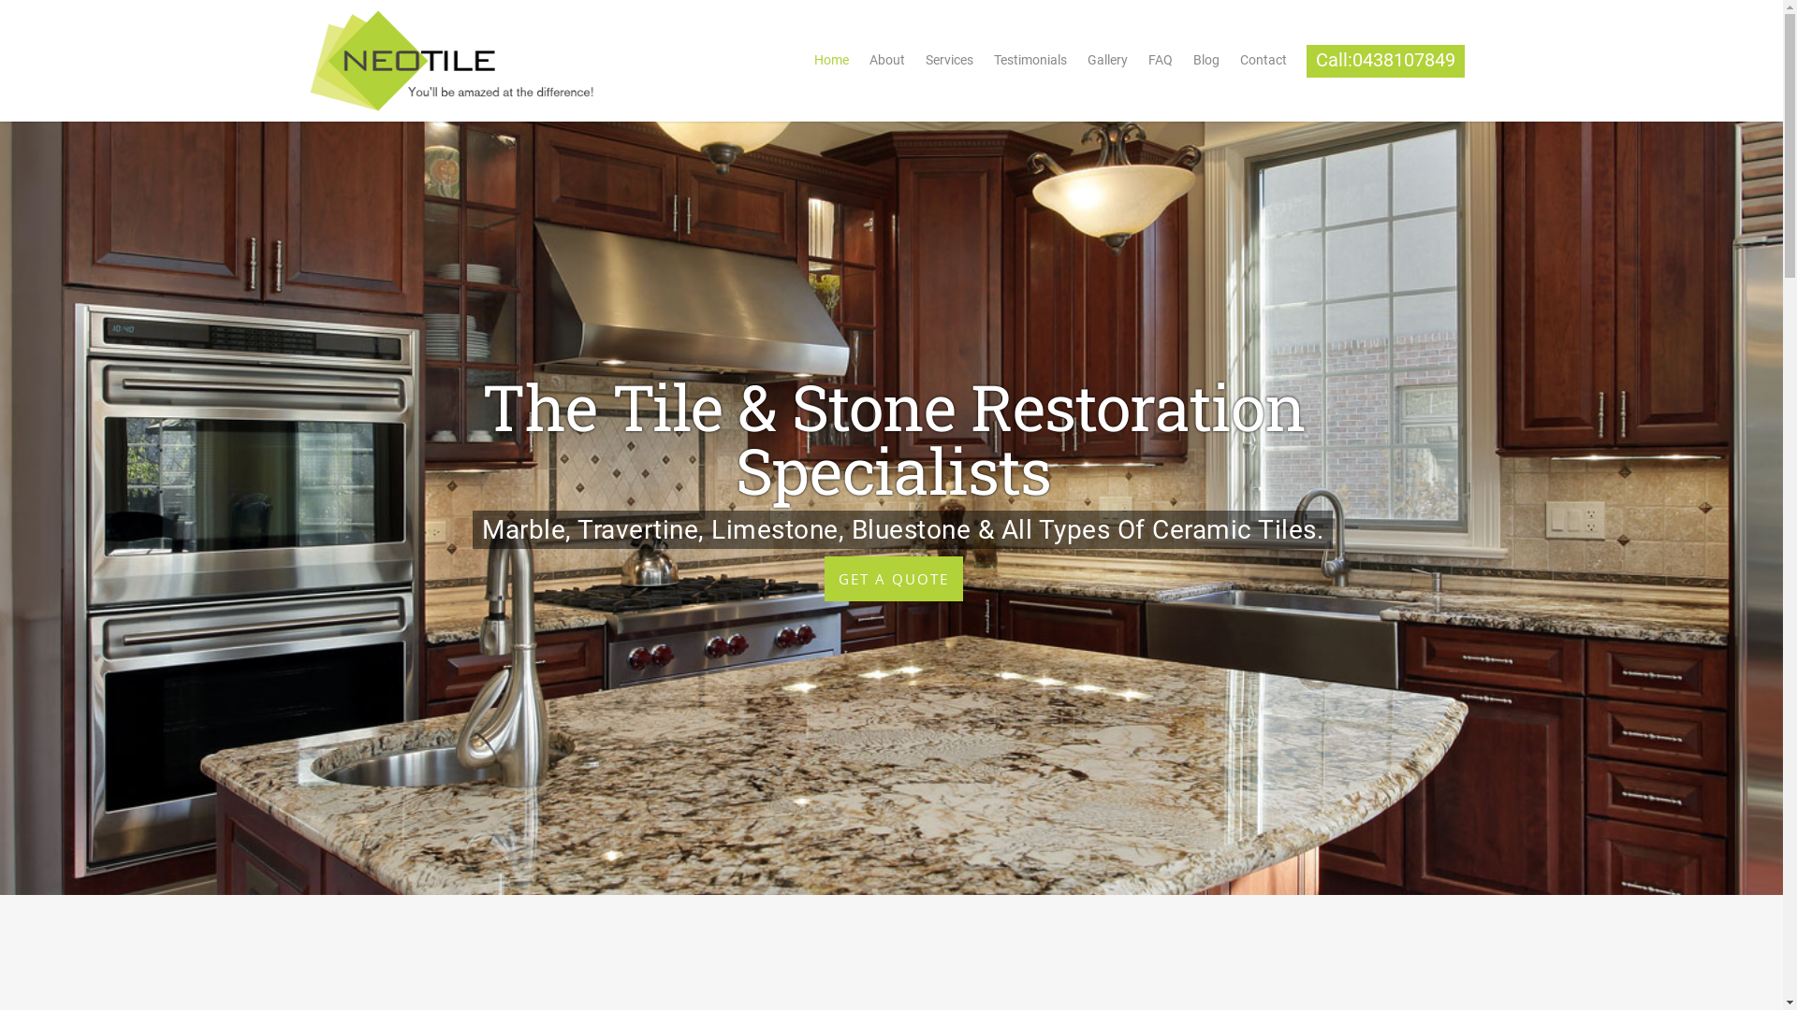  I want to click on 'Call:0438107849', so click(1385, 64).